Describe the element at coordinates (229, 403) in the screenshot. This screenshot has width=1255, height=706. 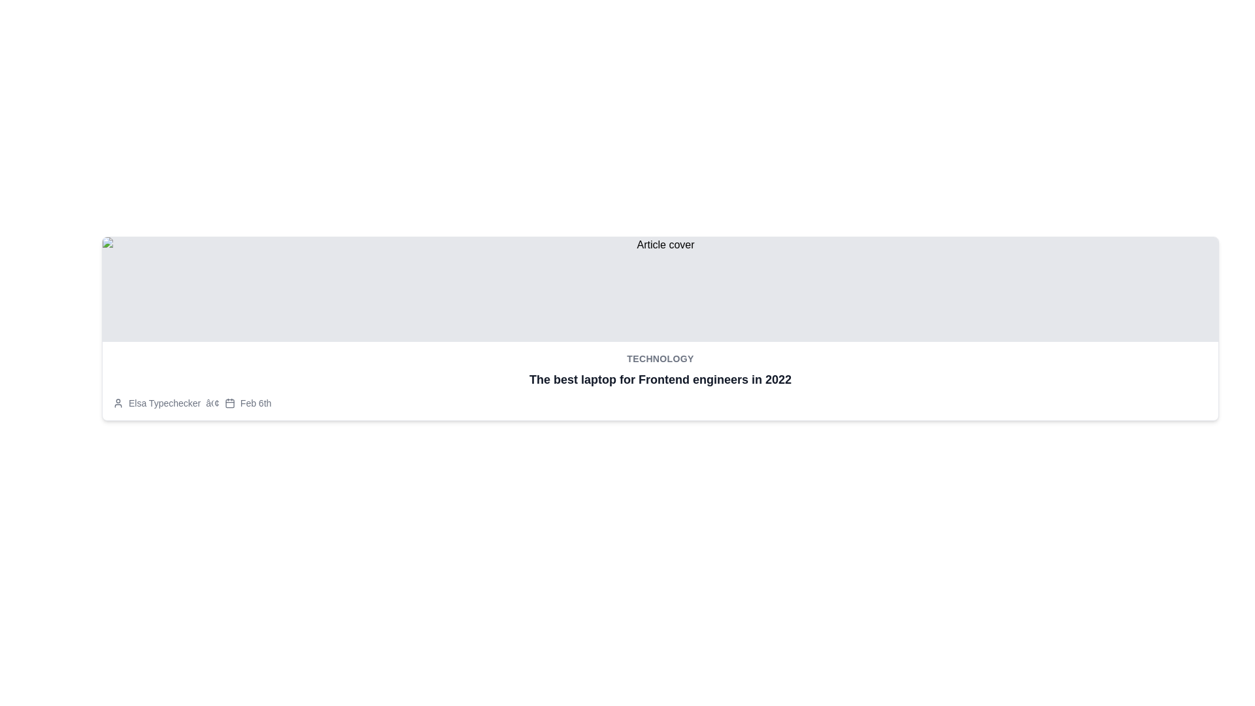
I see `the small grayish calendar icon located at the bottom of the article card, positioned after the author name and before the date 'Feb 6th'` at that location.